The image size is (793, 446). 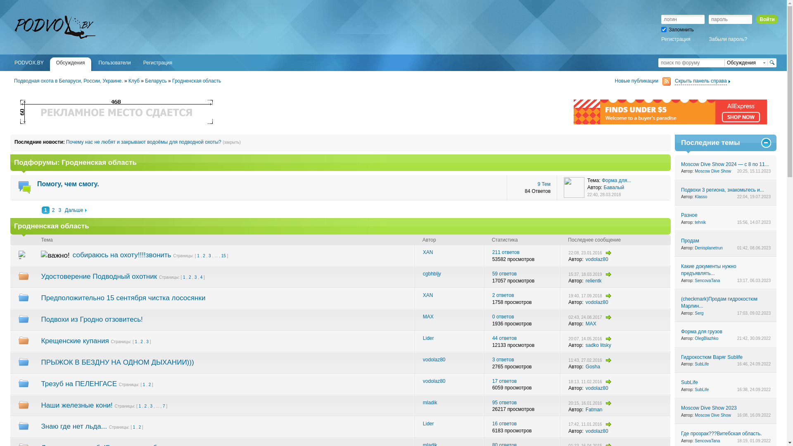 I want to click on 'Denisplanetrun', so click(x=708, y=247).